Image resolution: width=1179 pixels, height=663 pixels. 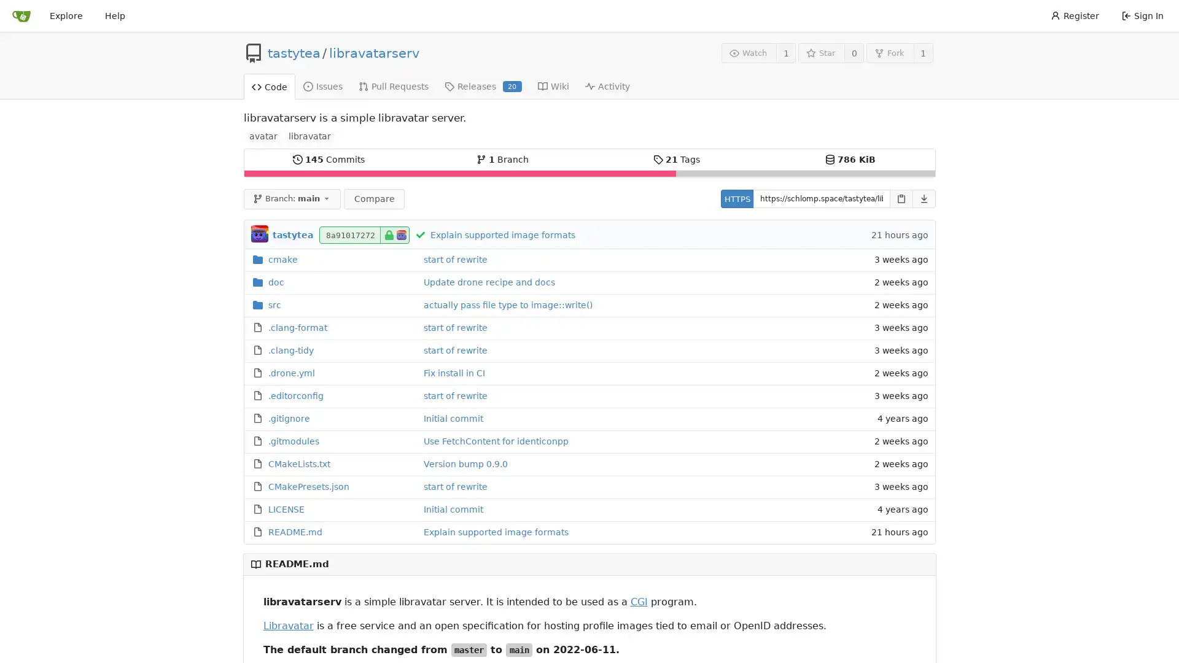 What do you see at coordinates (736, 198) in the screenshot?
I see `HTTPS` at bounding box center [736, 198].